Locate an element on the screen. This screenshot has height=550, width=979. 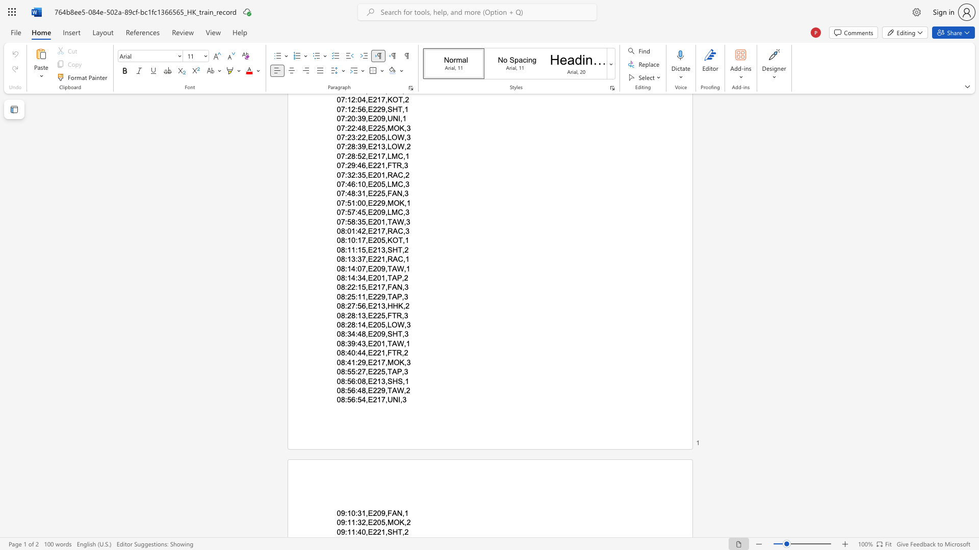
the subset text "209" within the text "09:10:31,E209,FAN,1" is located at coordinates (372, 513).